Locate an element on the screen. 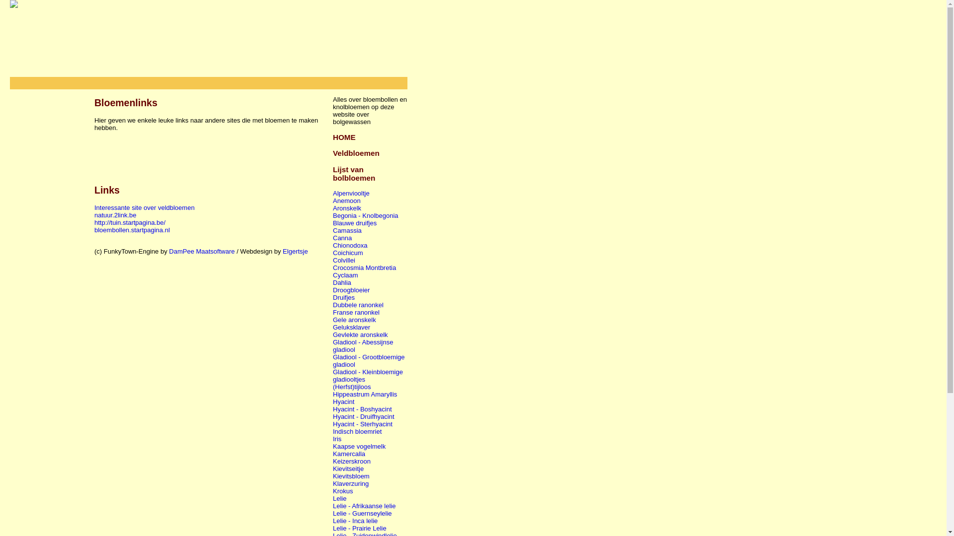  'Gladiool - Grootbloemige gladiool' is located at coordinates (368, 360).